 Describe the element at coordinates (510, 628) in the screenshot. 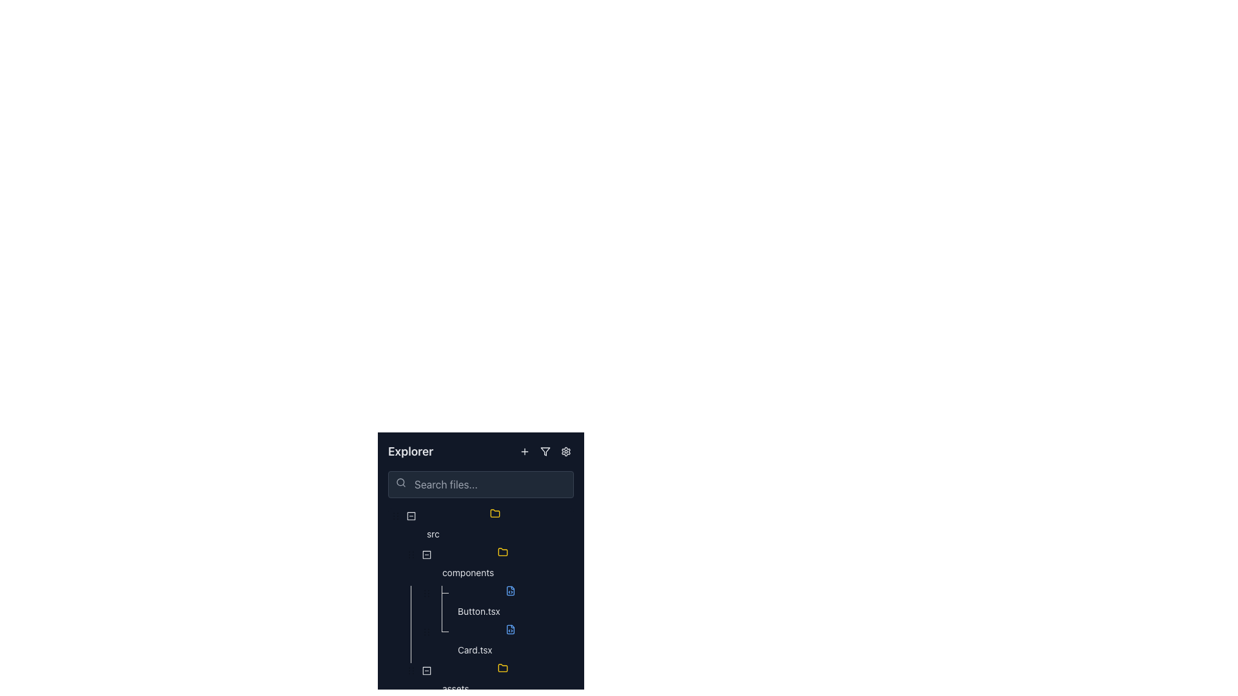

I see `the light blue document icon representing code-related symbols located beneath the 'components' entry in the file explorer interface` at that location.